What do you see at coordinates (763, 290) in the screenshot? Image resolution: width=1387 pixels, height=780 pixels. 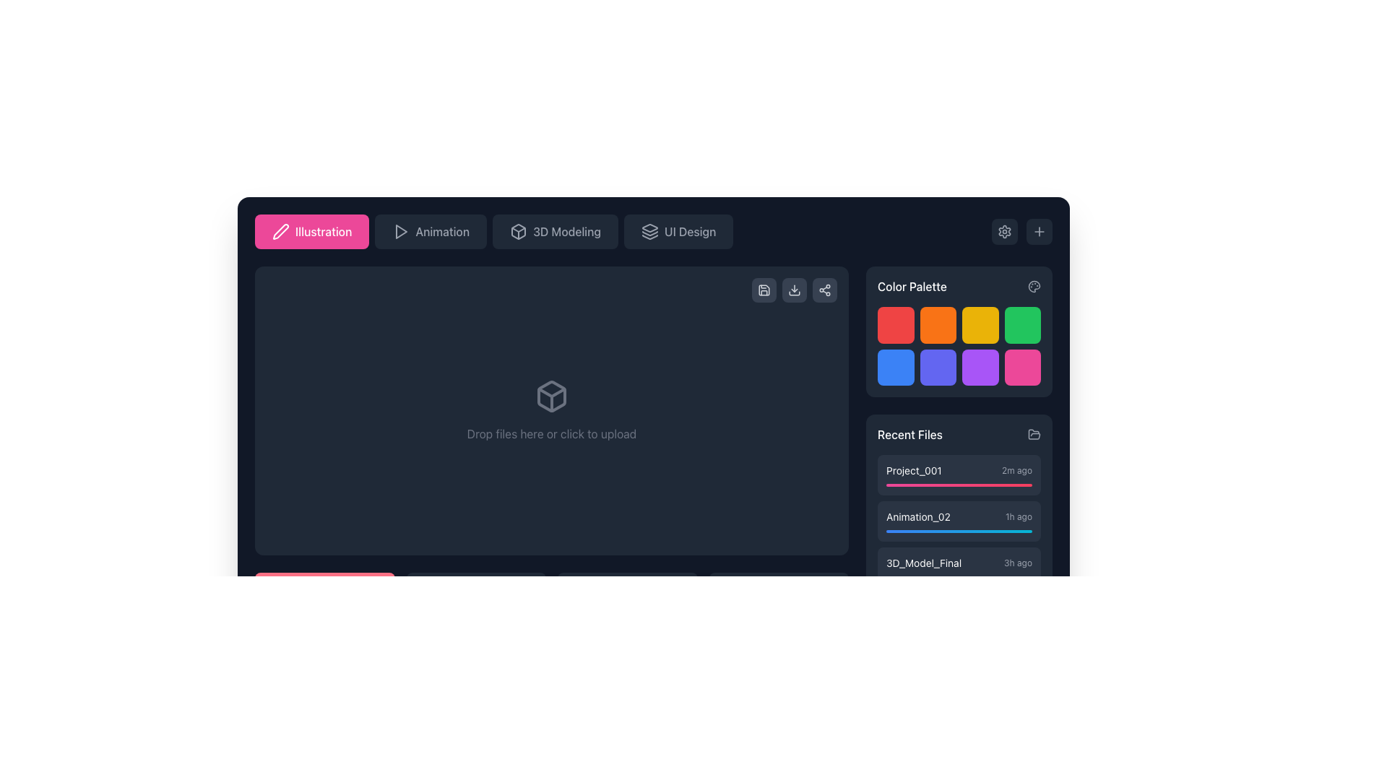 I see `the 'Save' icon button located near the top-right corner of the dark main panel` at bounding box center [763, 290].